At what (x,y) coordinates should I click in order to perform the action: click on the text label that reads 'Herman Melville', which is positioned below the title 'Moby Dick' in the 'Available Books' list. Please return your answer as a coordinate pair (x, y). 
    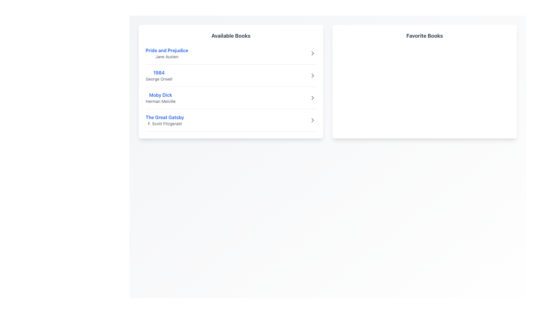
    Looking at the image, I should click on (160, 101).